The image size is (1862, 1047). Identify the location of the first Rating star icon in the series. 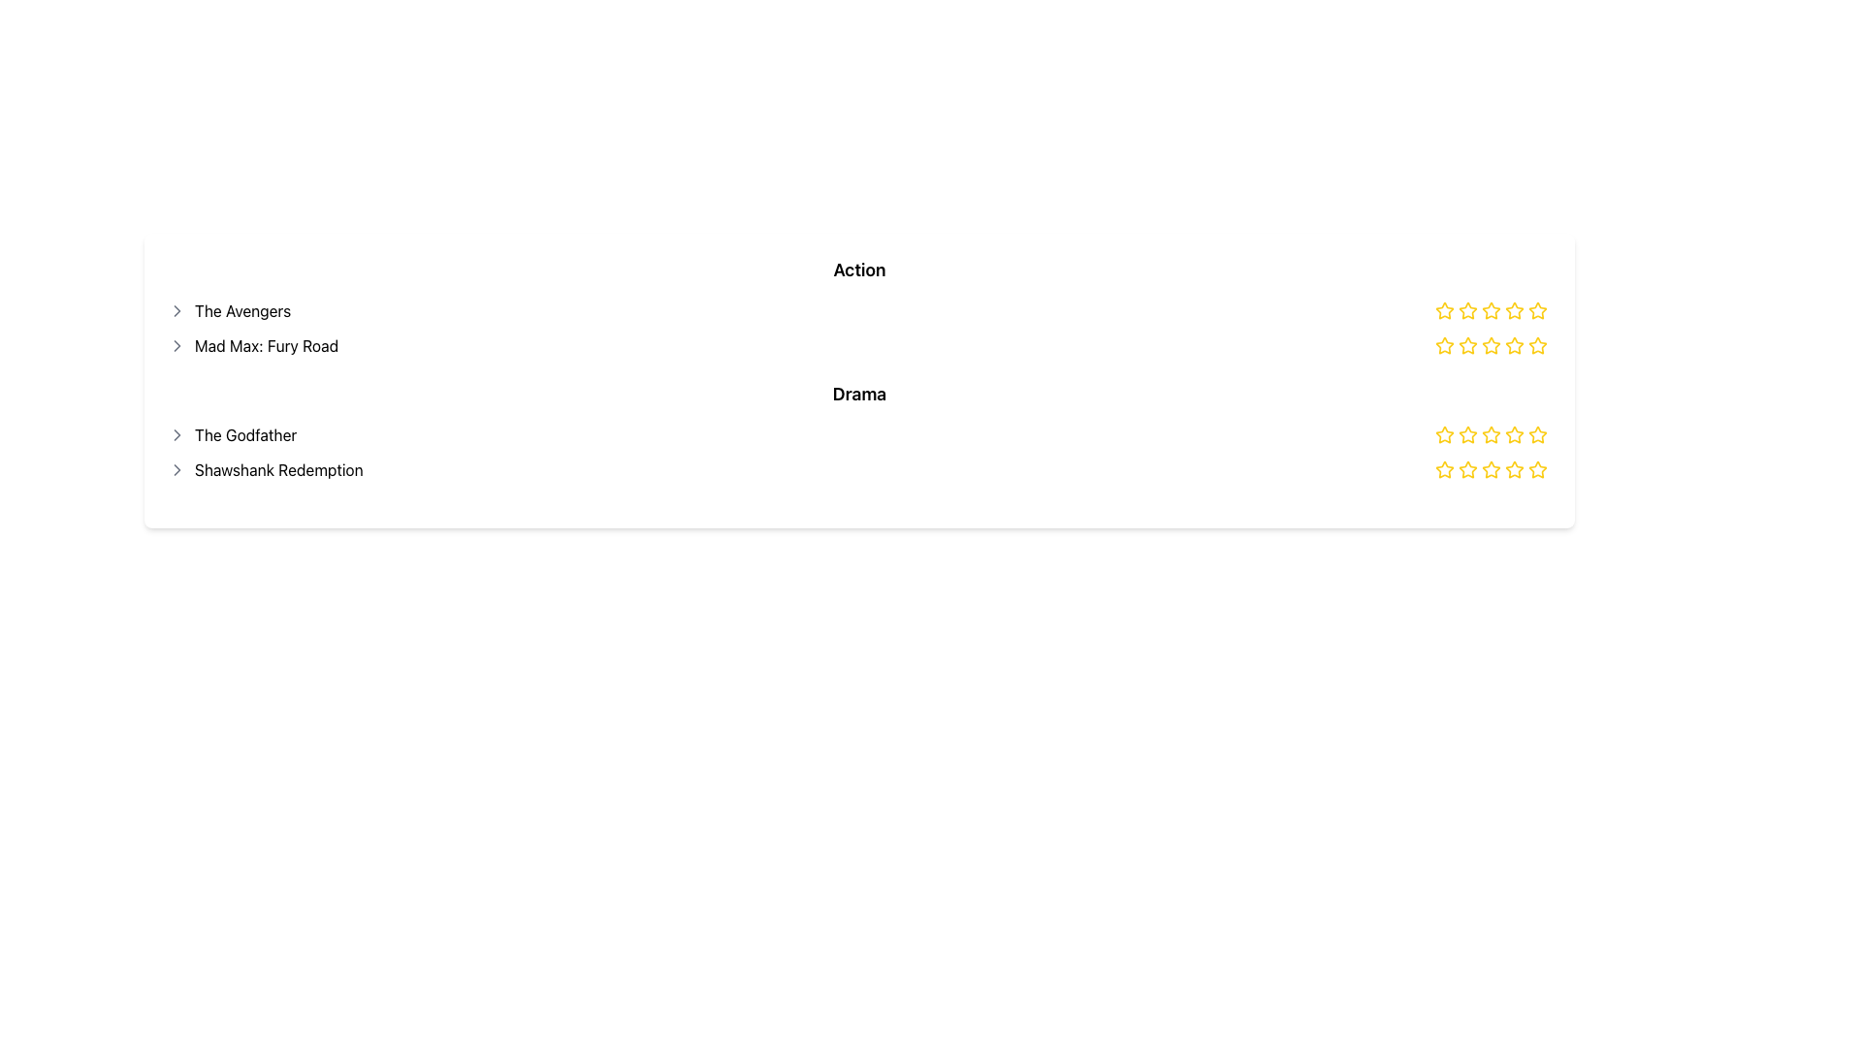
(1444, 309).